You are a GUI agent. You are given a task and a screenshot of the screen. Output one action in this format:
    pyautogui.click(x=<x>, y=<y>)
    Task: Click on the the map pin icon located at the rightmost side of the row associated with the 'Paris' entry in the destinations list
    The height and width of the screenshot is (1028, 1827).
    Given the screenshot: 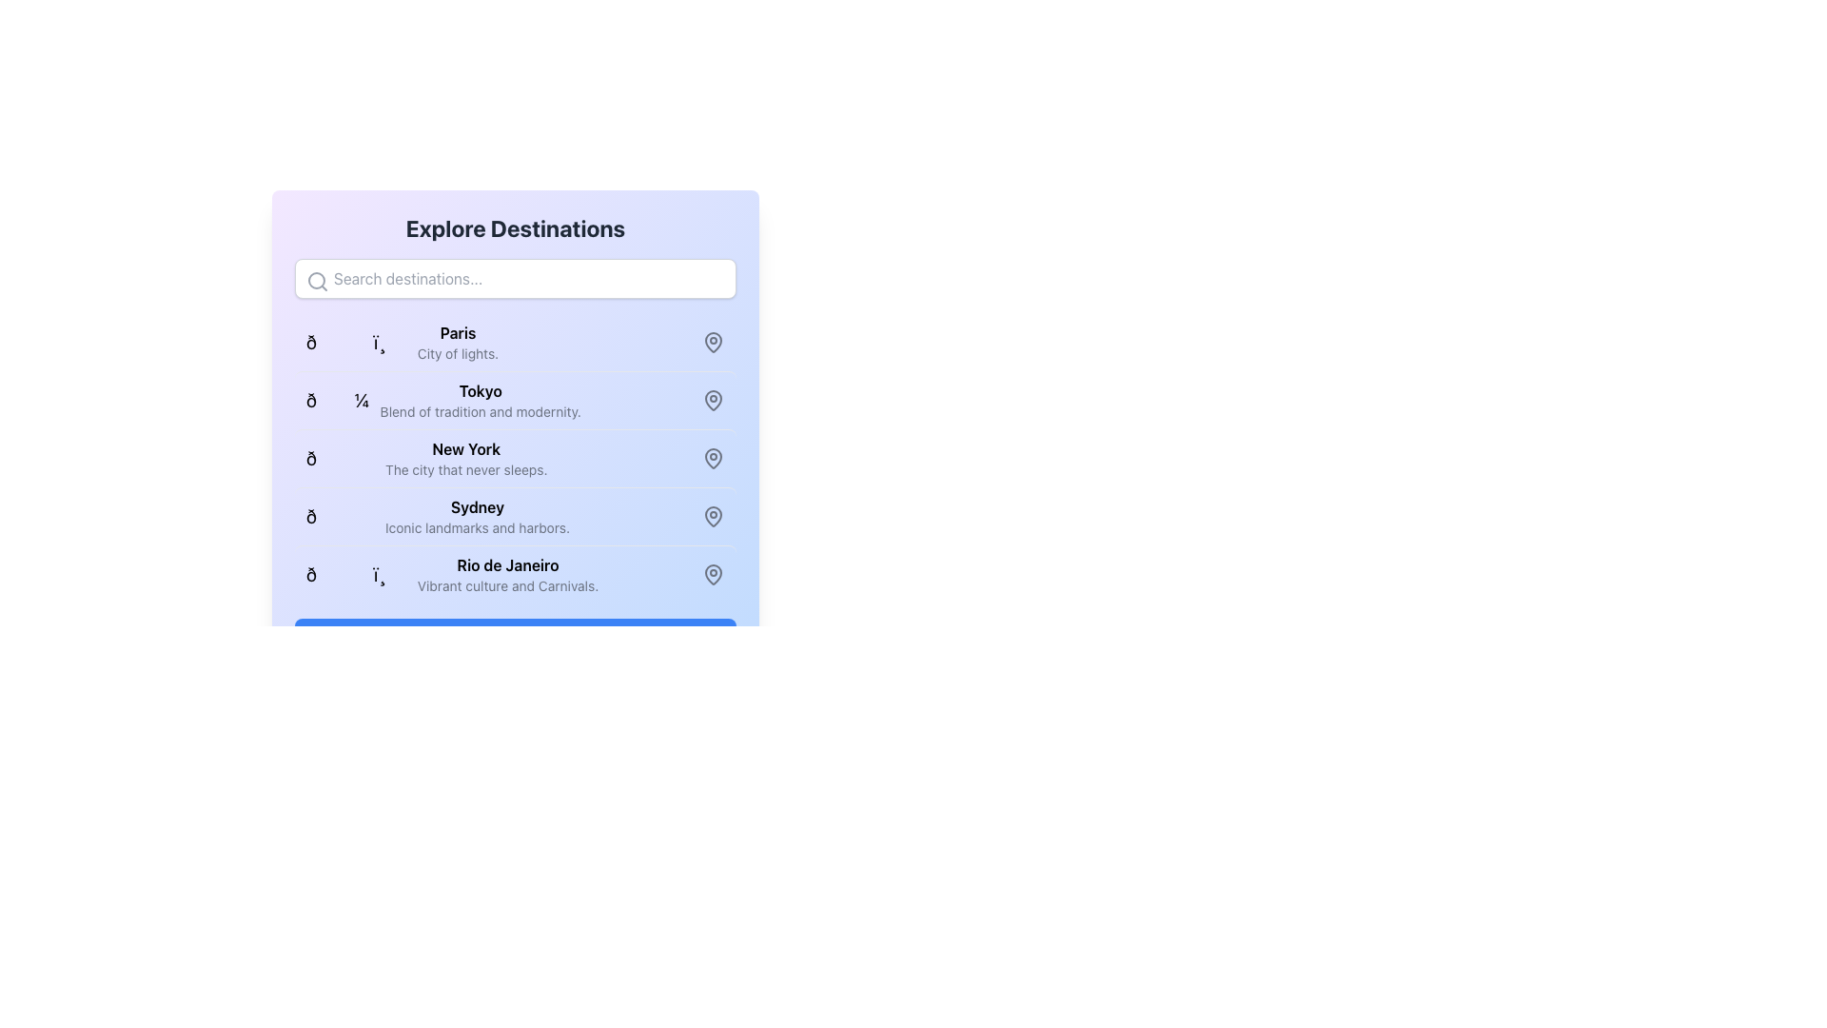 What is the action you would take?
    pyautogui.click(x=712, y=341)
    